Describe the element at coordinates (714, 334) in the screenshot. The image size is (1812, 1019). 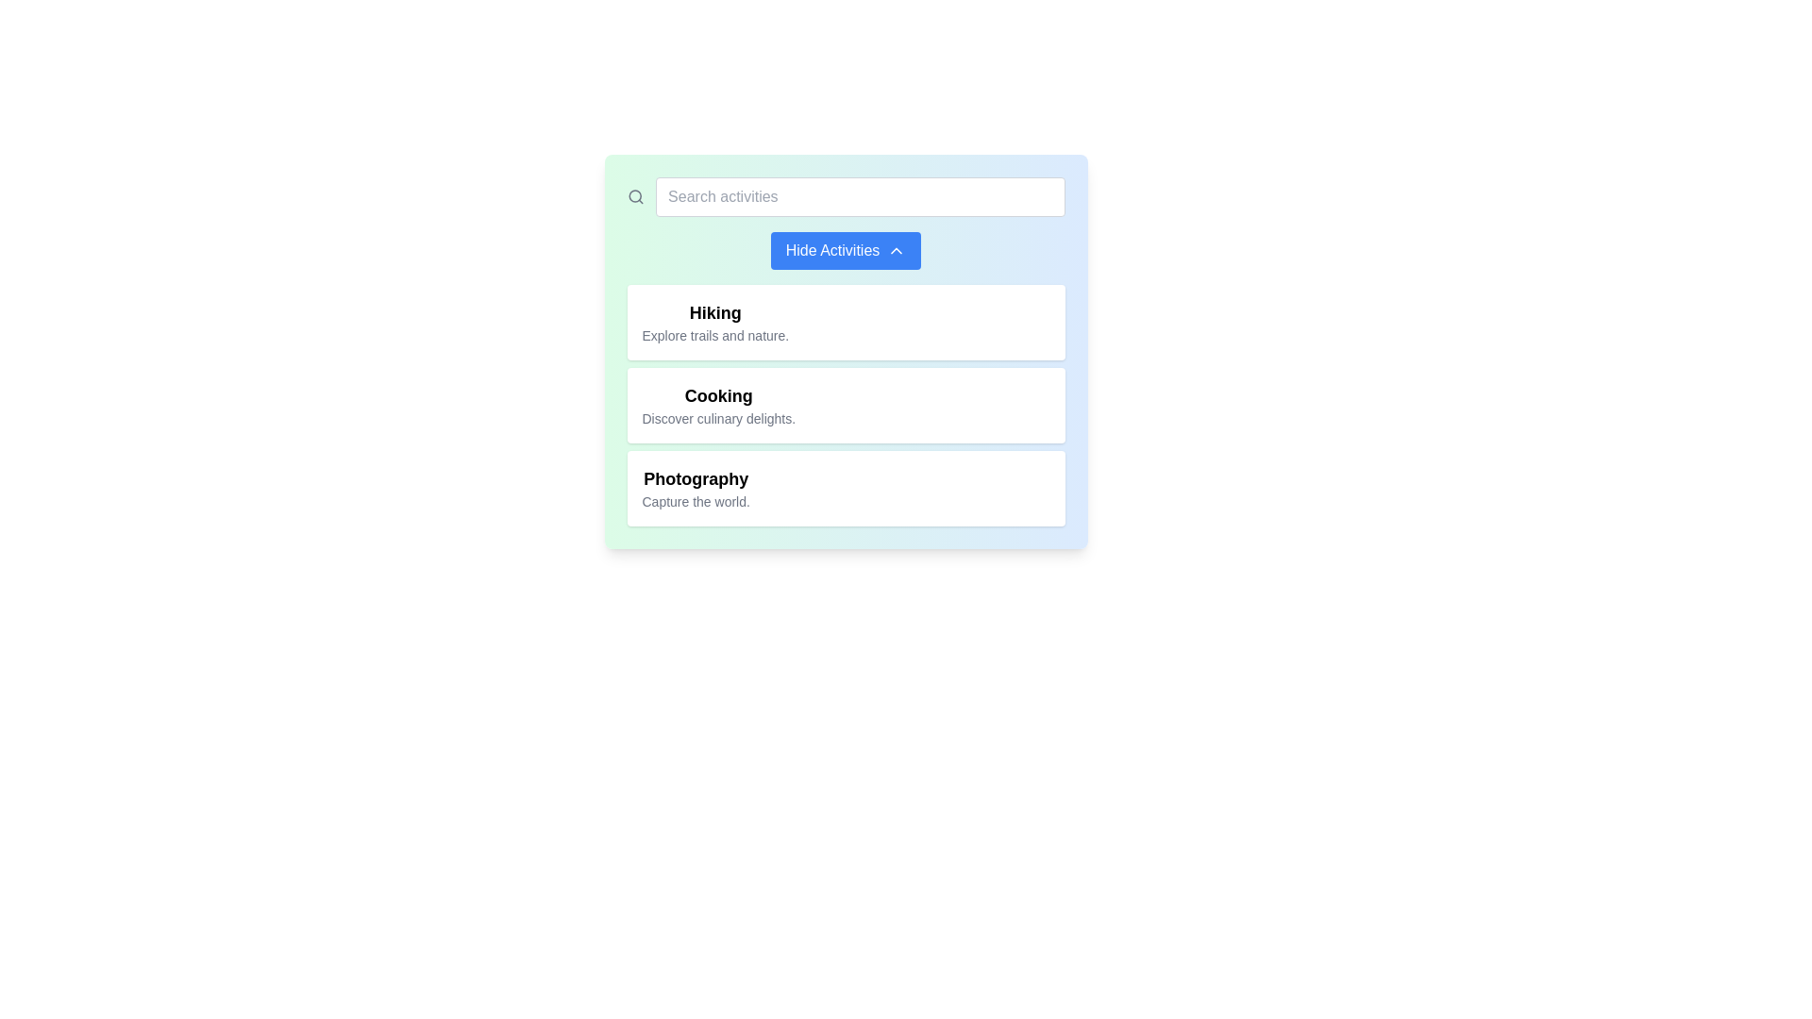
I see `description text snippet 'Explore trails and nature.' located below the bold title 'Hiking'` at that location.